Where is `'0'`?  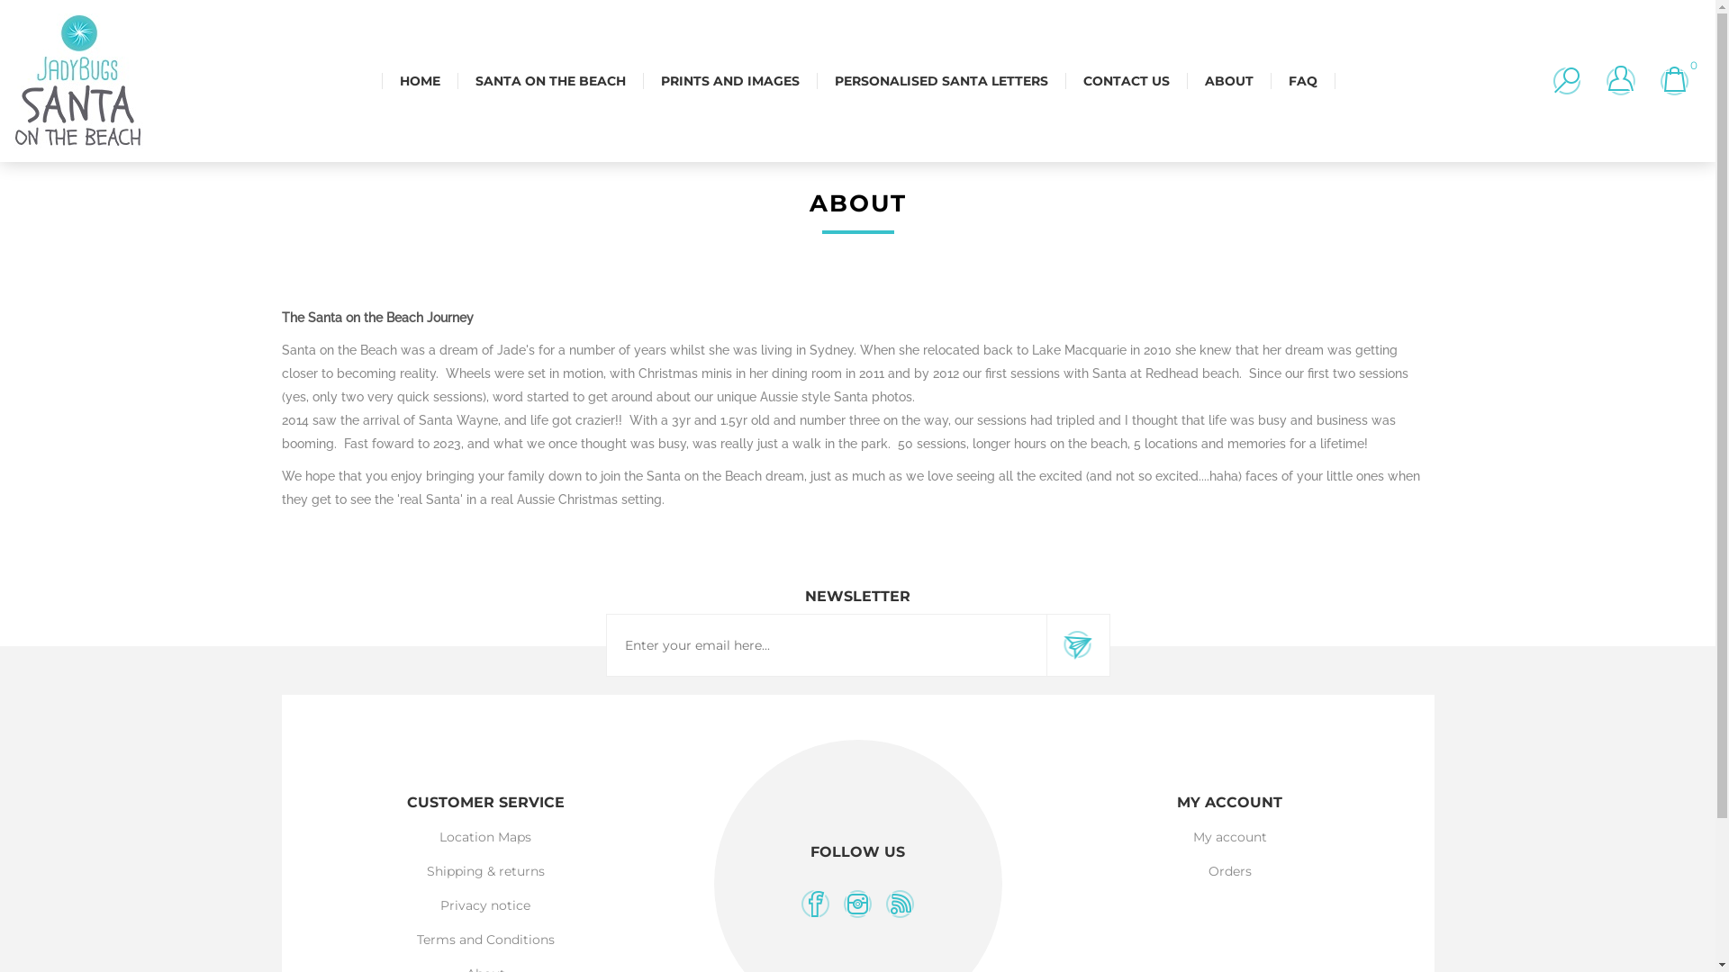 '0' is located at coordinates (1652, 79).